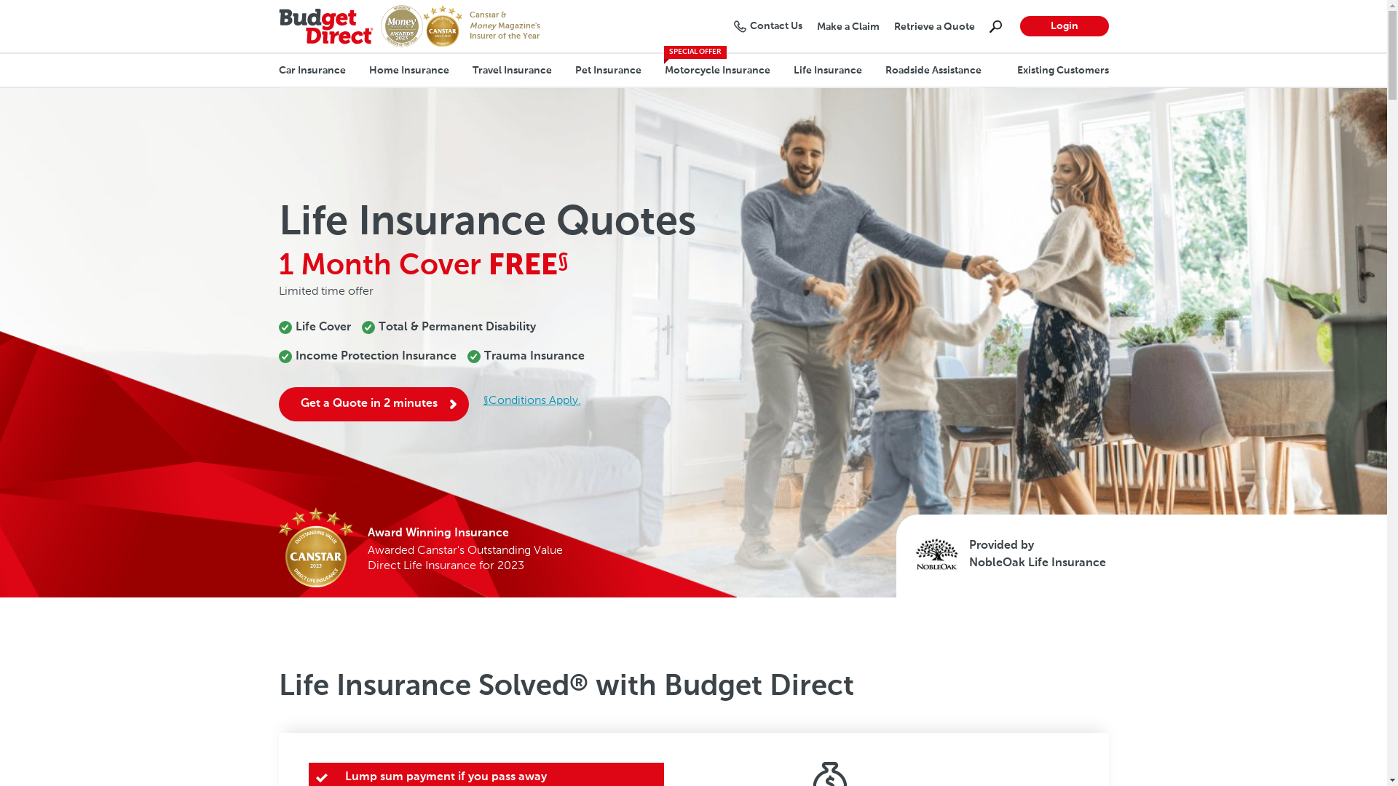 The height and width of the screenshot is (786, 1398). Describe the element at coordinates (828, 71) in the screenshot. I see `'Life Insurance'` at that location.